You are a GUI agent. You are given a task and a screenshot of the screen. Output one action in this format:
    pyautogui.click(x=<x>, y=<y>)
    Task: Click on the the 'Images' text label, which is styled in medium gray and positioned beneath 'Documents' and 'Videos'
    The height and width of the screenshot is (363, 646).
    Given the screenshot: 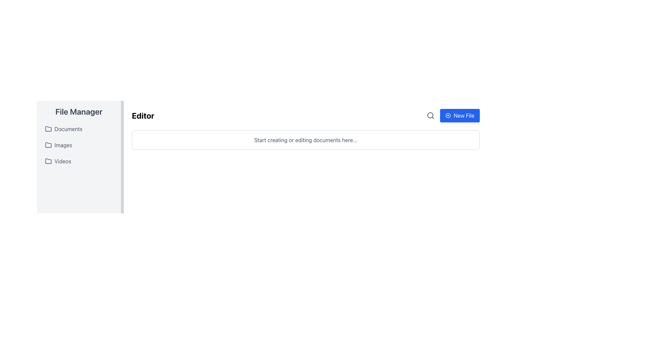 What is the action you would take?
    pyautogui.click(x=63, y=145)
    